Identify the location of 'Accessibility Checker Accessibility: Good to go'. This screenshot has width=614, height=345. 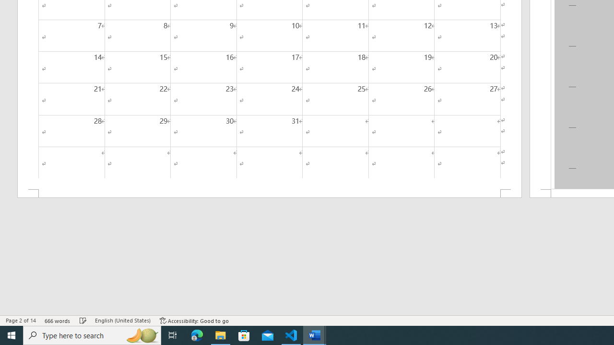
(194, 321).